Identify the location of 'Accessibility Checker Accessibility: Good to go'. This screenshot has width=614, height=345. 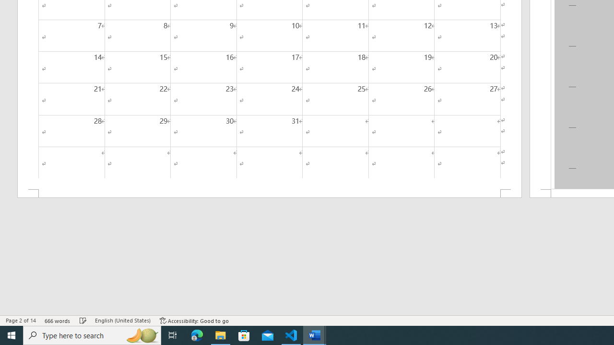
(194, 321).